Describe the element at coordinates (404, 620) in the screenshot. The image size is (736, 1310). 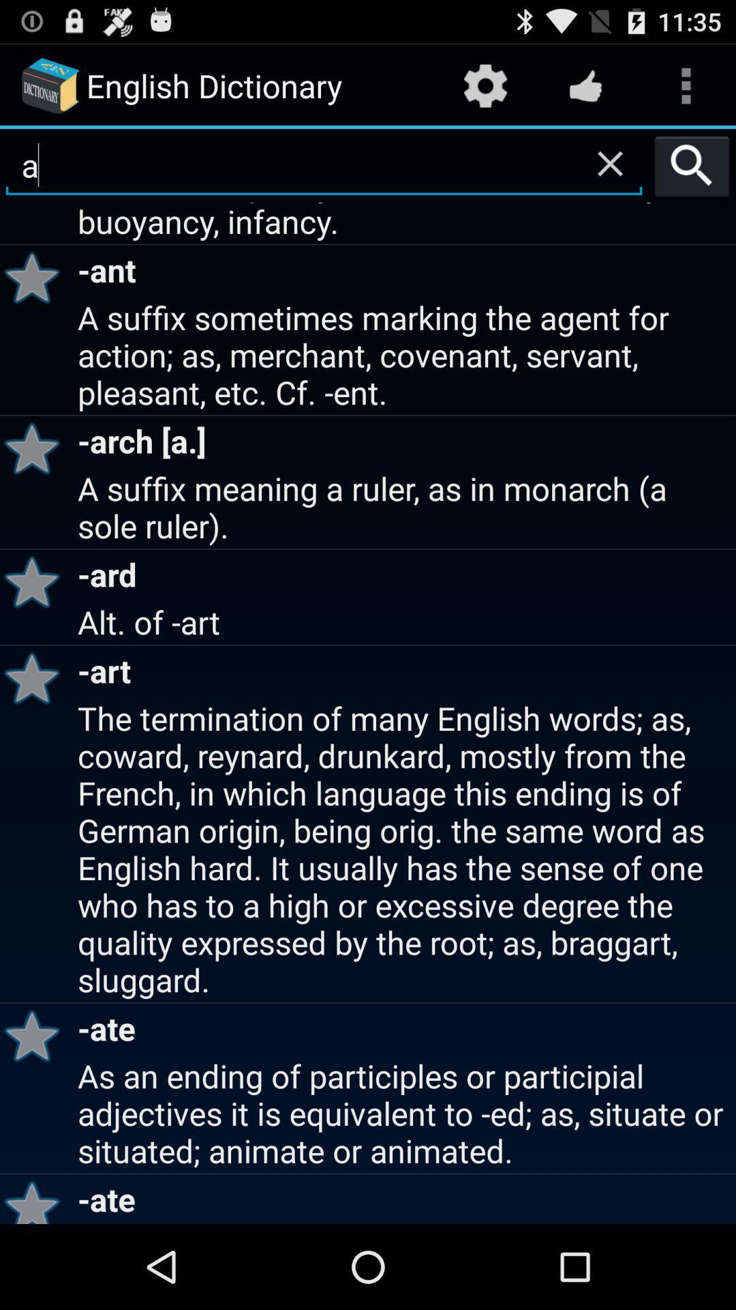
I see `alt. of -art item` at that location.